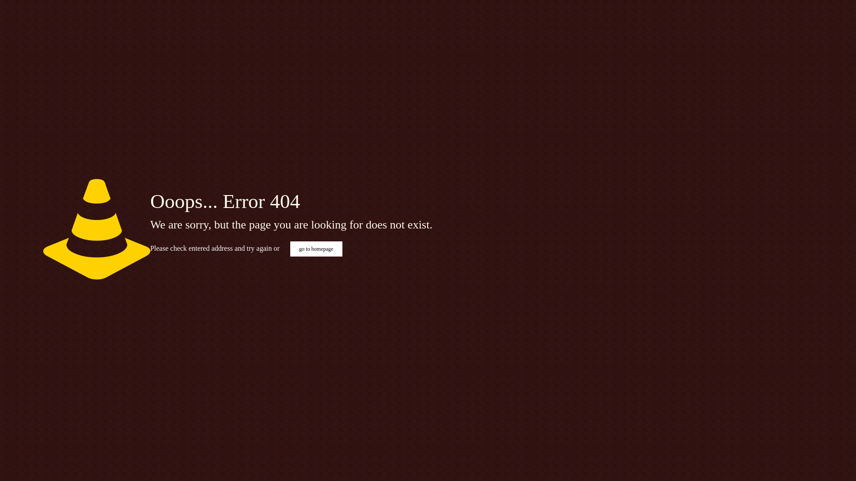 The height and width of the screenshot is (481, 856). Describe the element at coordinates (316, 249) in the screenshot. I see `'go to homepage'` at that location.